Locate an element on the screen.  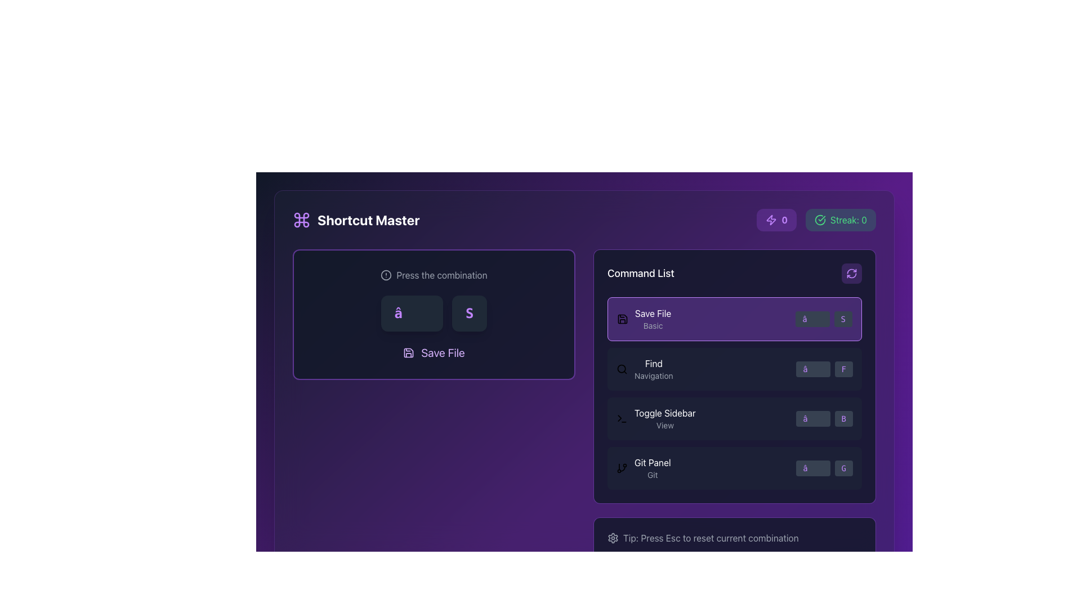
the button-like key label with a dark background and a purple letter 'G' centered within it, located near the 'Git Panel' label in the Command List section is located at coordinates (843, 468).